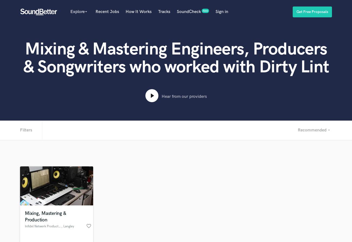 The image size is (352, 242). Describe the element at coordinates (184, 96) in the screenshot. I see `'Hear from our providers'` at that location.